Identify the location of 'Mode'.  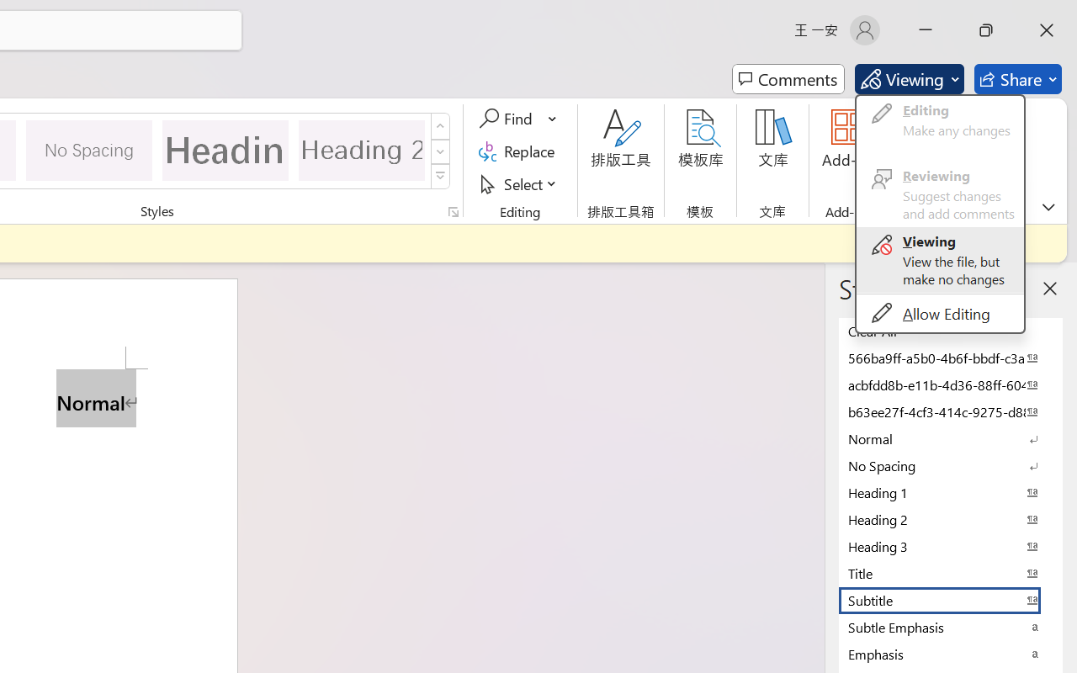
(908, 79).